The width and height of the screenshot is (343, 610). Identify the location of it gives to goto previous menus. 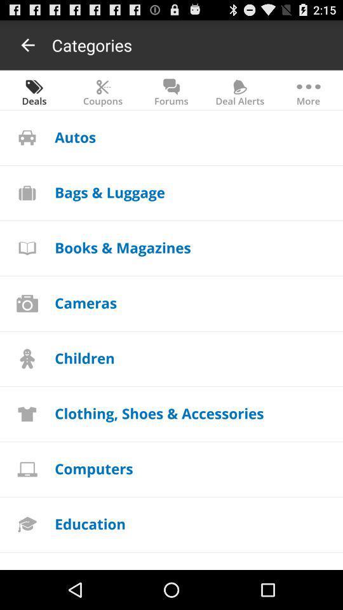
(28, 44).